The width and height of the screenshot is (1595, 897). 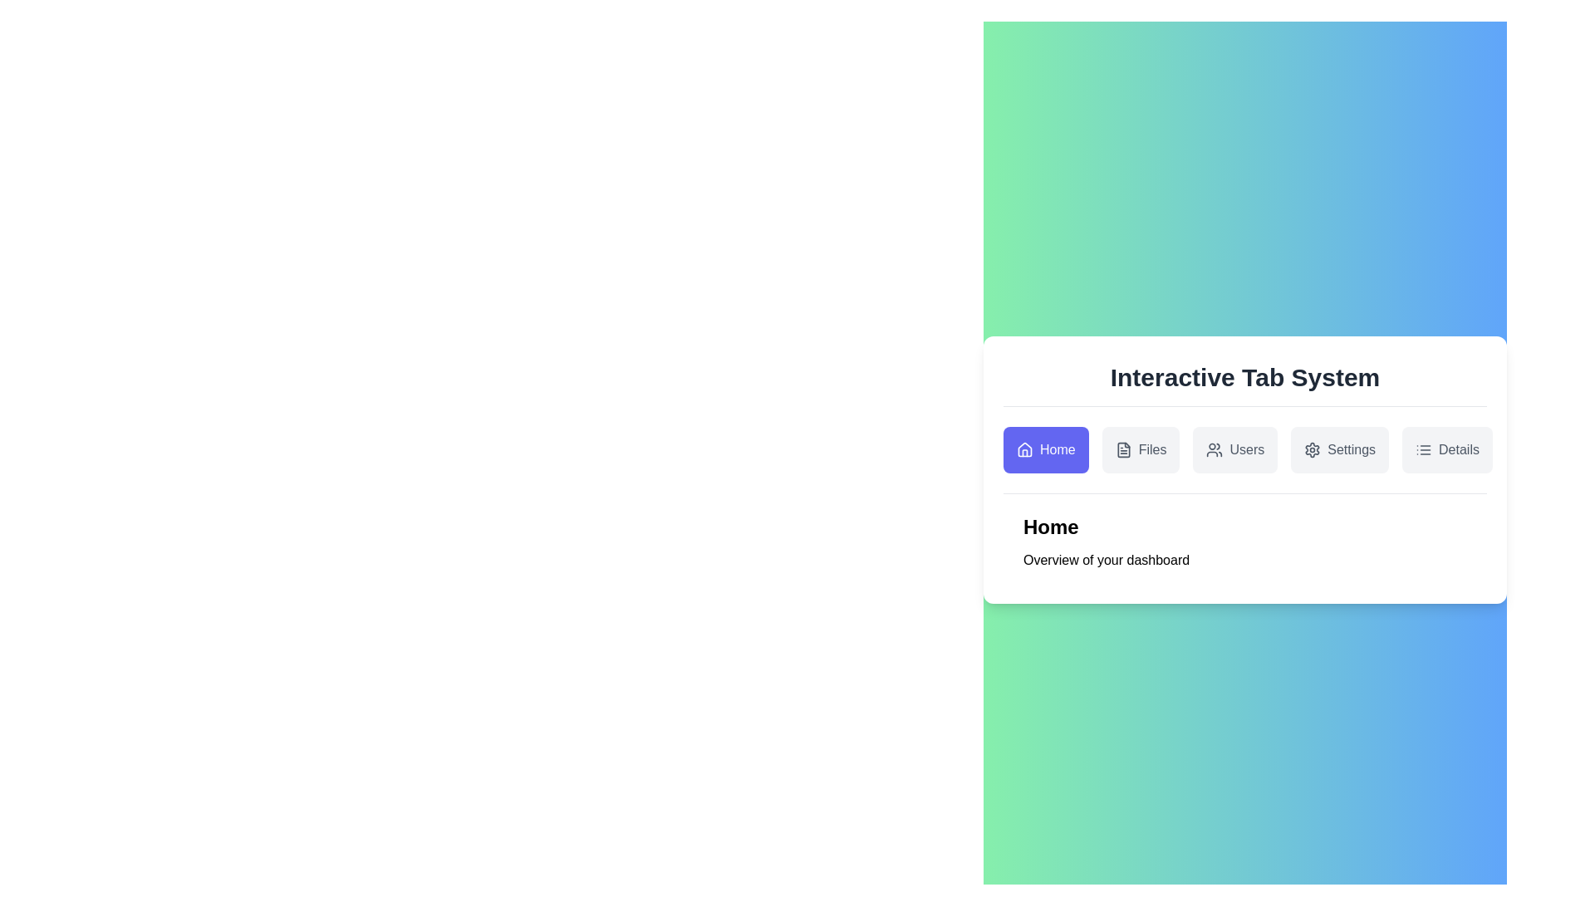 I want to click on the 'Home' icon located within the purple-highlighted navigation button at the top-left of the tab bar, so click(x=1023, y=450).